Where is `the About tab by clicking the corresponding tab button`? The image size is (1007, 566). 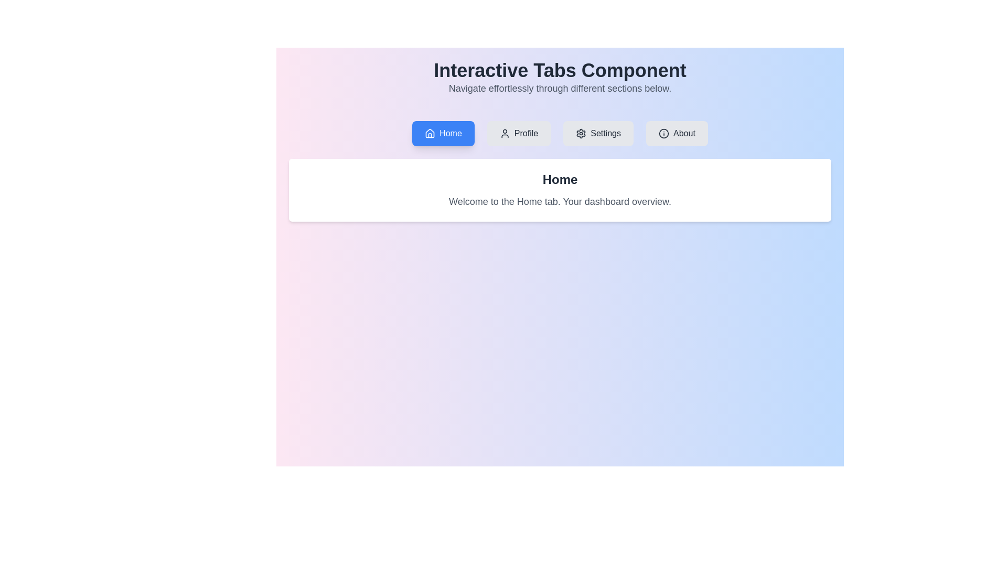
the About tab by clicking the corresponding tab button is located at coordinates (677, 133).